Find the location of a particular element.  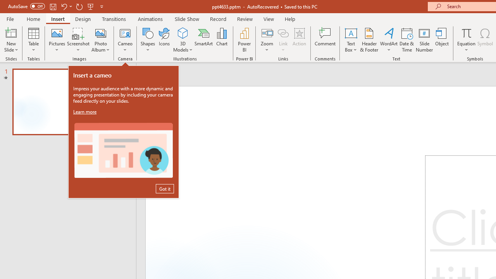

'Photo Album...' is located at coordinates (100, 40).